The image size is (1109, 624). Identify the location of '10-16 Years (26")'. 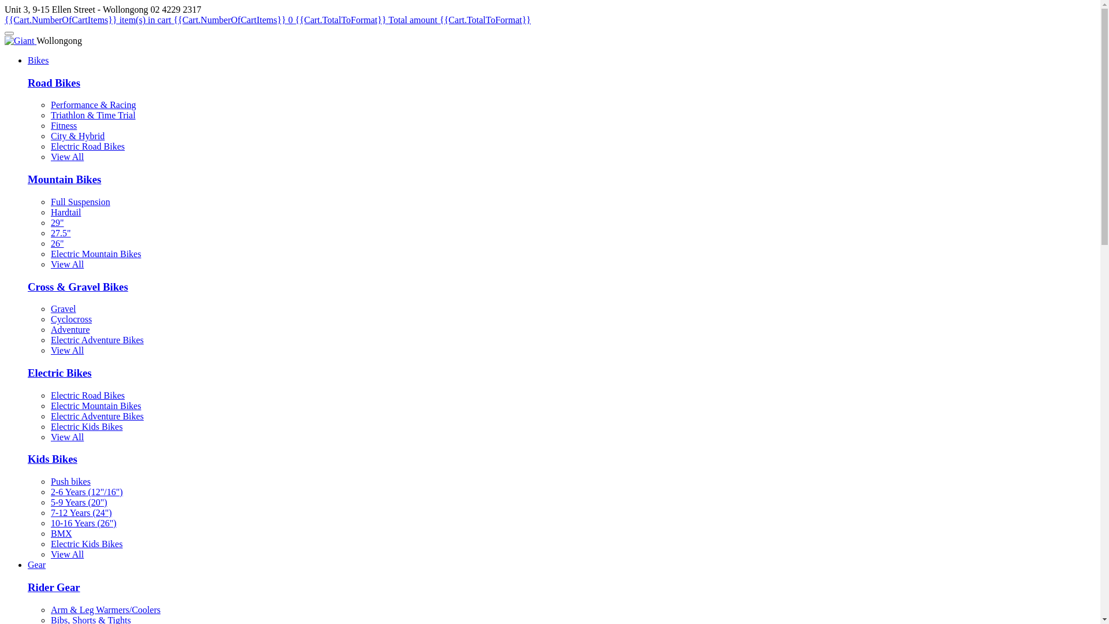
(83, 523).